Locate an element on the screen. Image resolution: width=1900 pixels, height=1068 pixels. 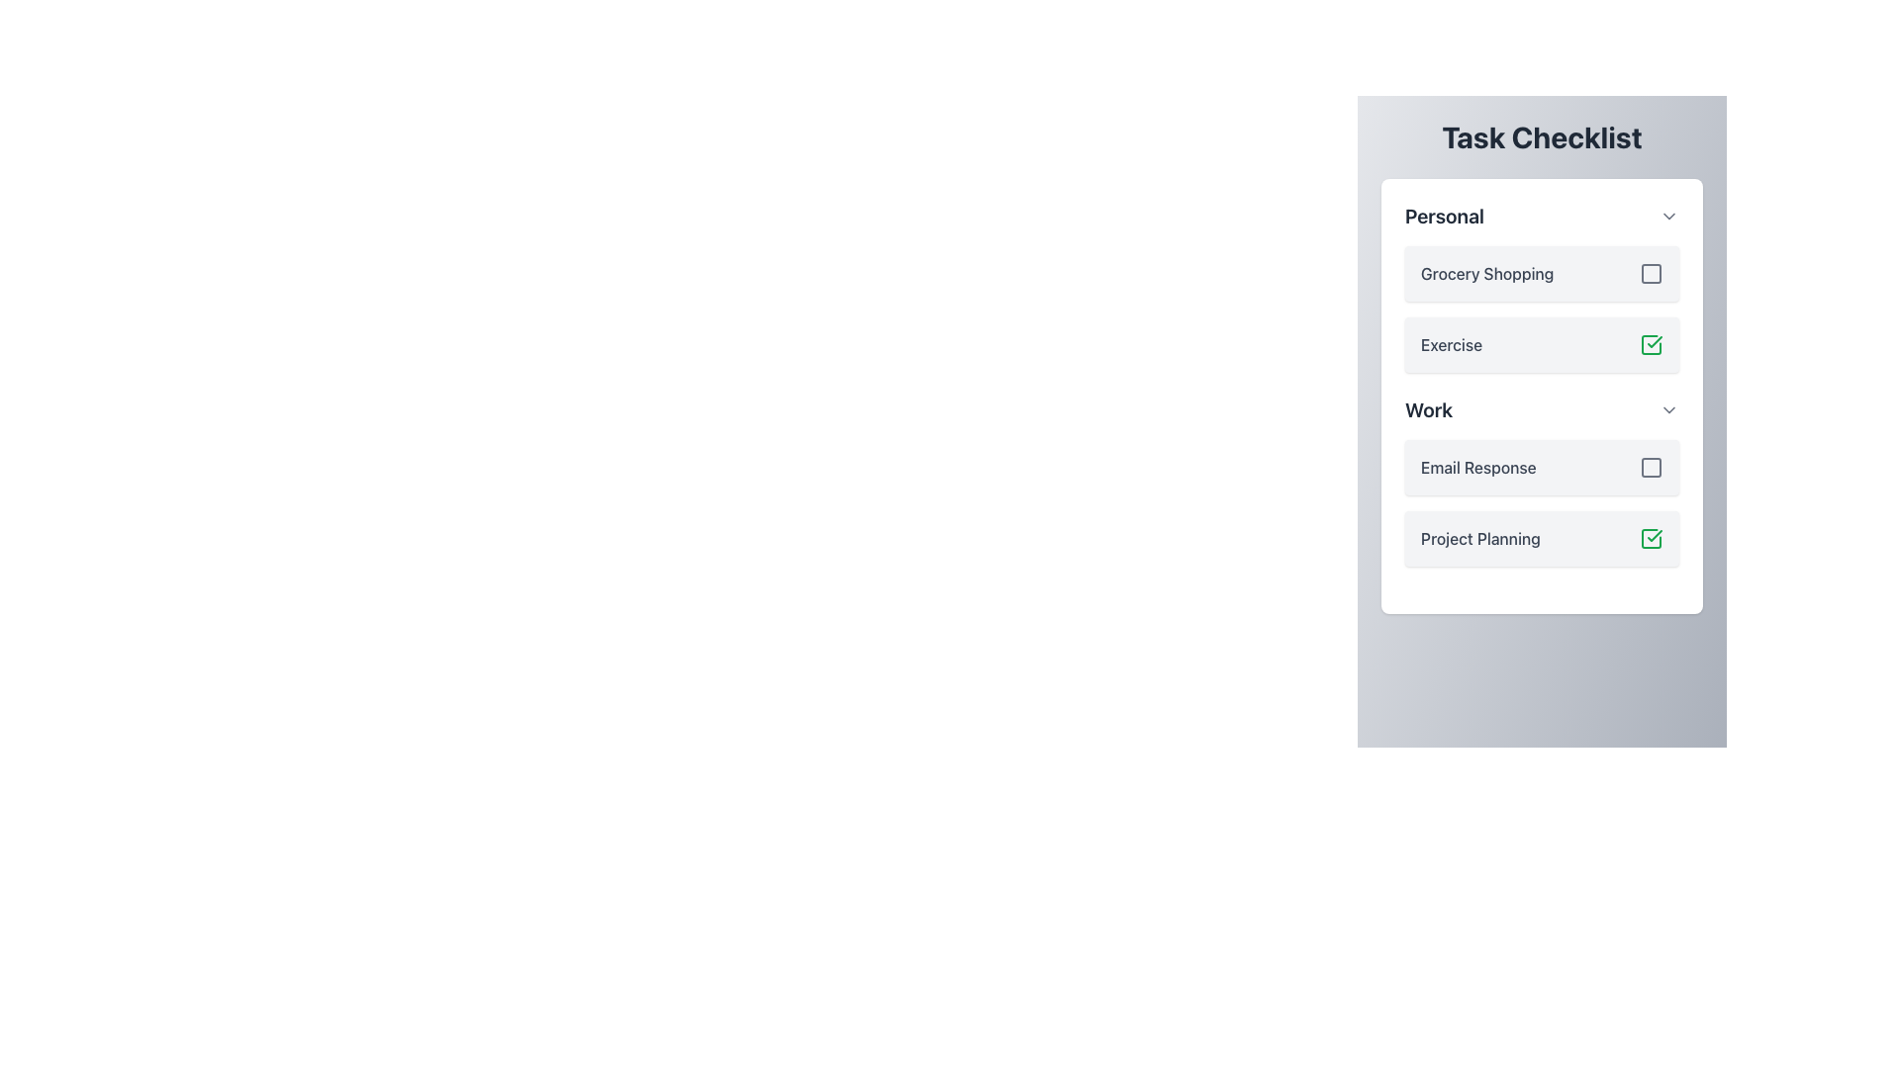
the text label element that represents a task item in the 'Personal' section of the checklist, located beneath 'Grocery Shopping.' is located at coordinates (1452, 343).